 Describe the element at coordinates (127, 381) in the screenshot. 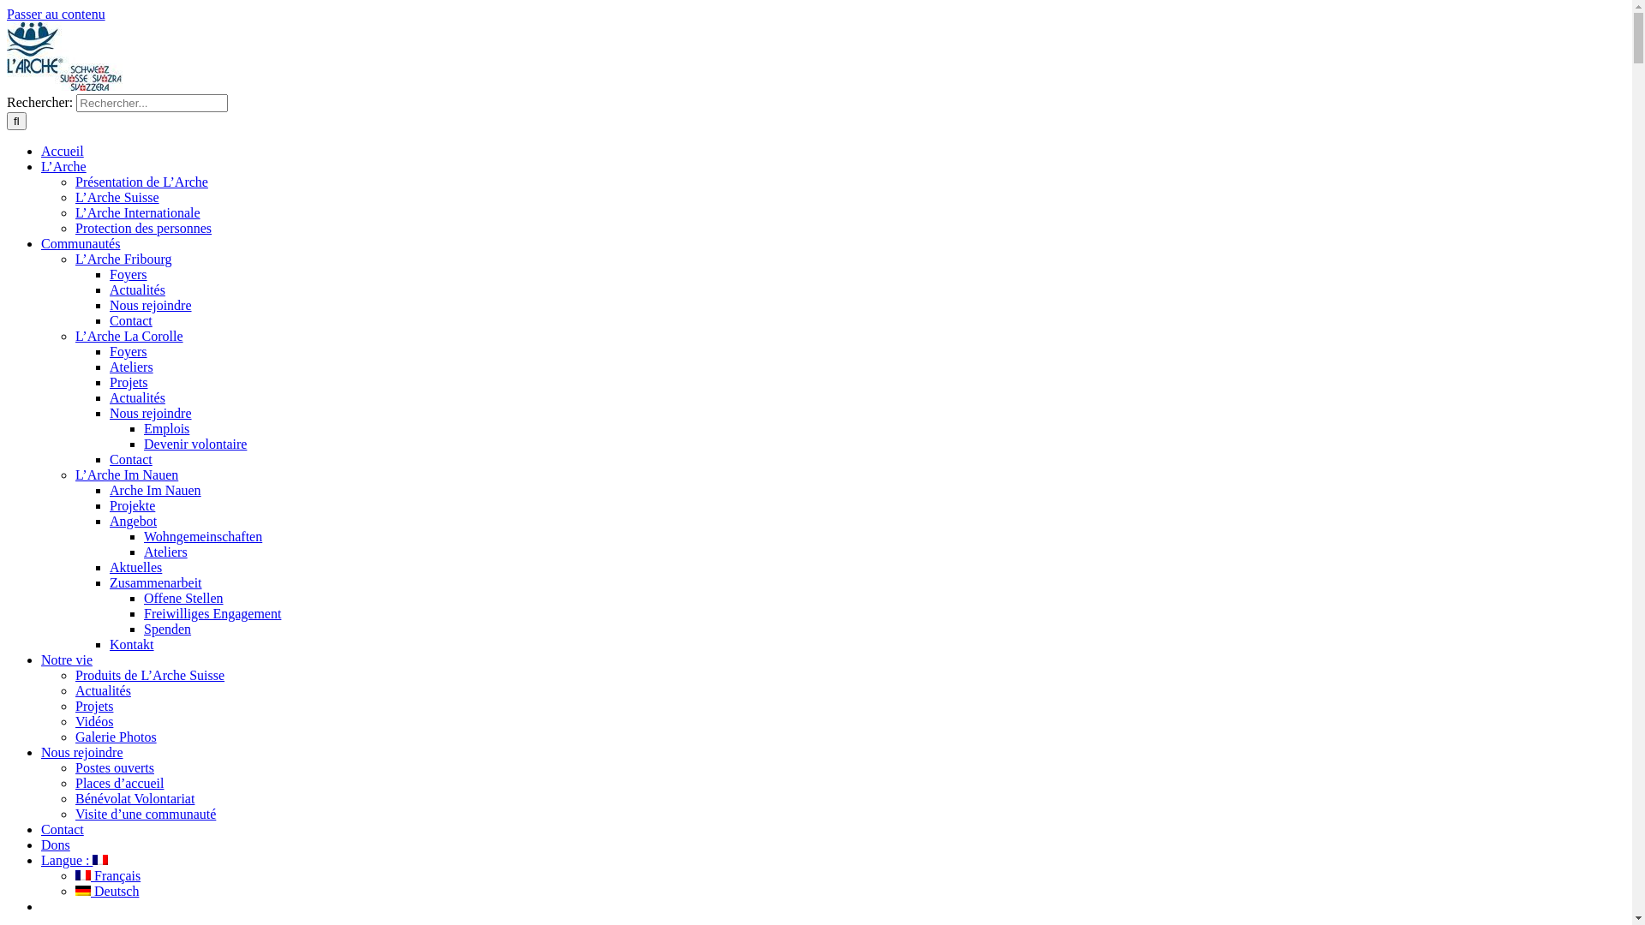

I see `'Projets'` at that location.